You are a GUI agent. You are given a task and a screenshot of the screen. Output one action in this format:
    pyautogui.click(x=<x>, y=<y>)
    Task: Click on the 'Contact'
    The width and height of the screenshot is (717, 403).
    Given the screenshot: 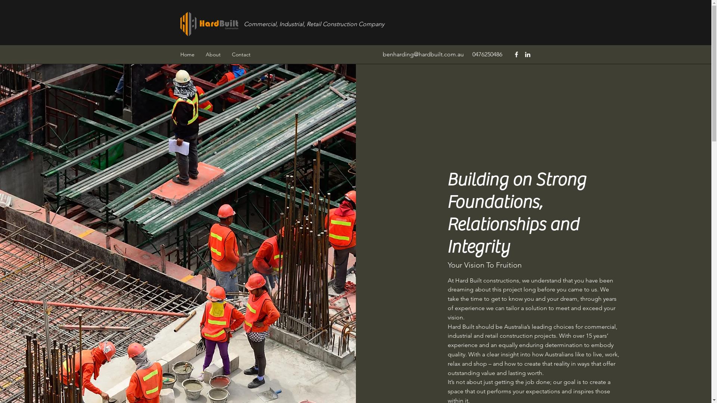 What is the action you would take?
    pyautogui.click(x=241, y=54)
    